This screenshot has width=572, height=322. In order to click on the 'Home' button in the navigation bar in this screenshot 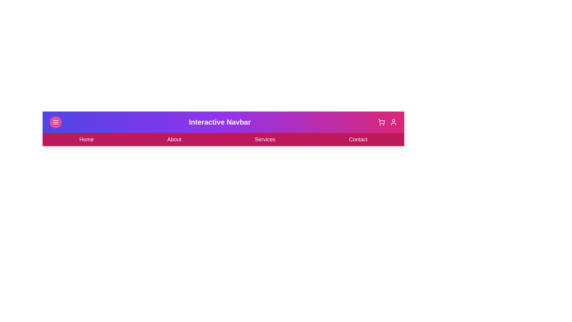, I will do `click(86, 139)`.